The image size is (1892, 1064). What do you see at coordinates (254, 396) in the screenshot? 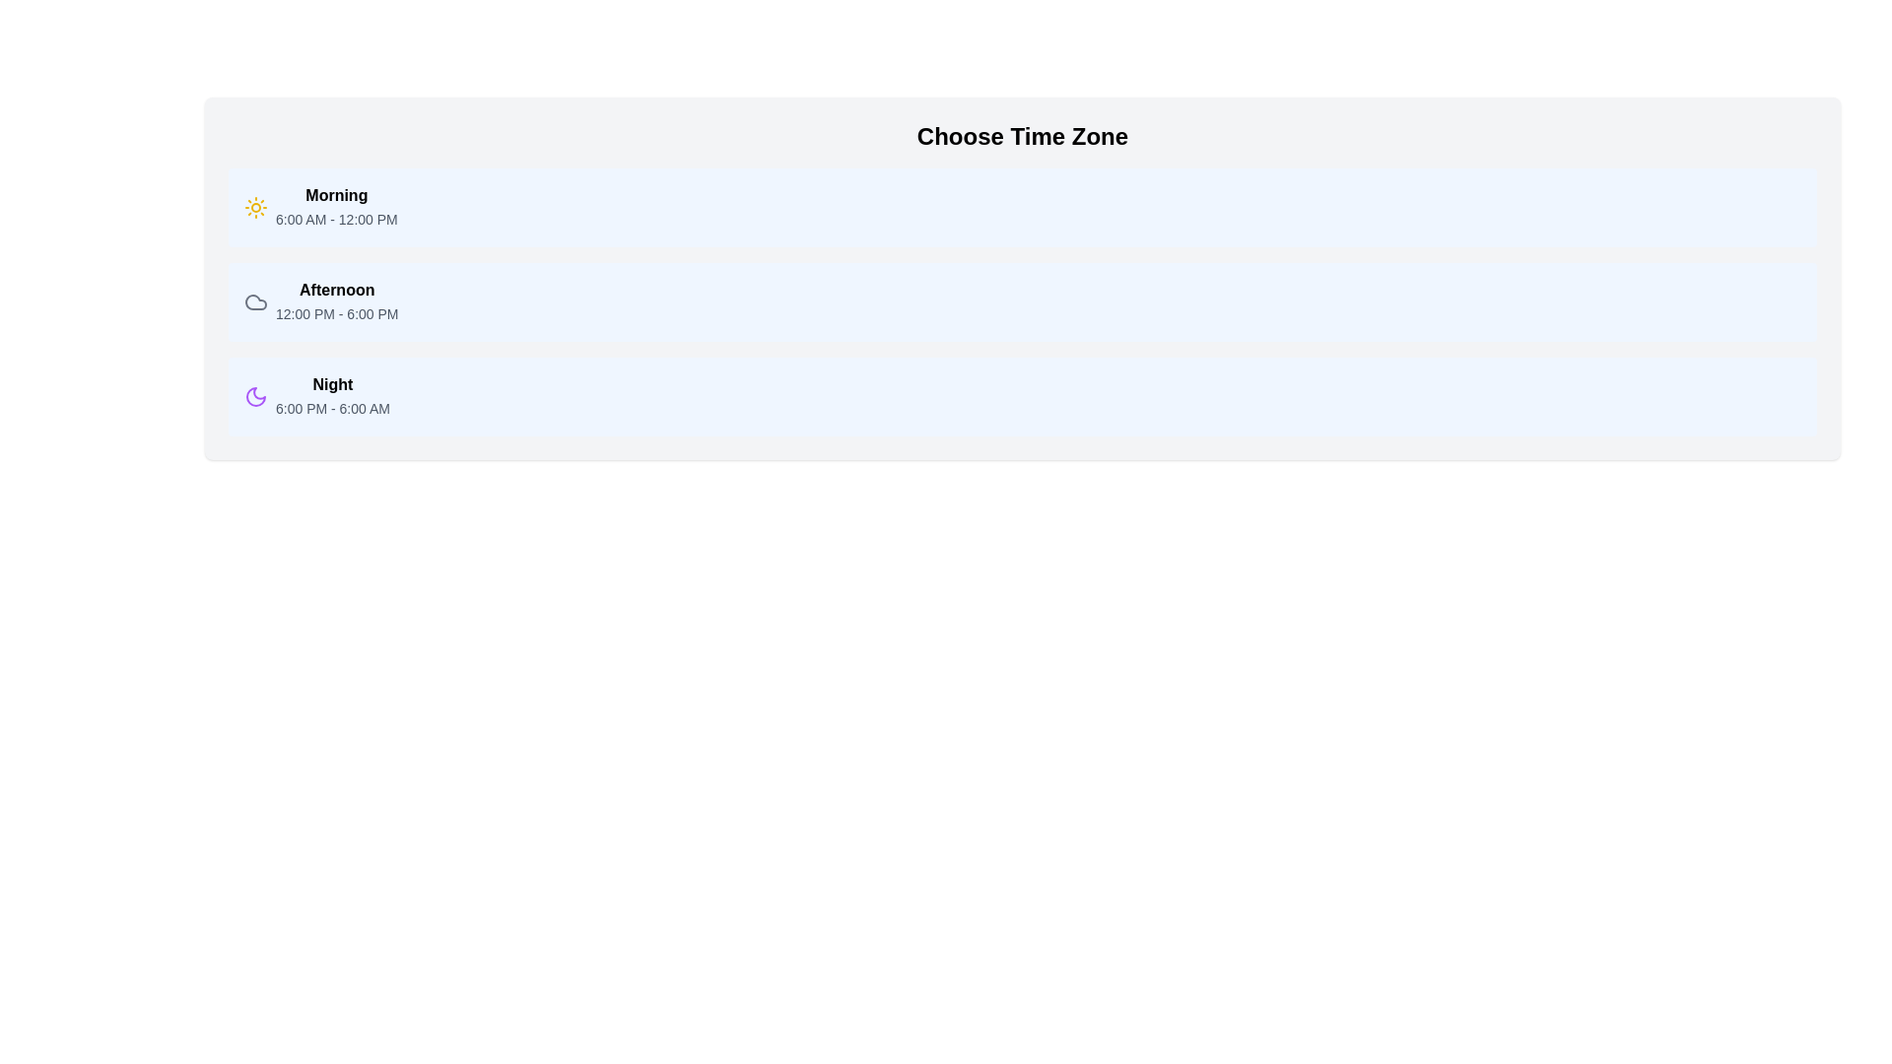
I see `the moon icon representing the nighttime theme in the 'Night 6:00 PM - 6:00 AM' section, which is positioned to the left of the text content` at bounding box center [254, 396].